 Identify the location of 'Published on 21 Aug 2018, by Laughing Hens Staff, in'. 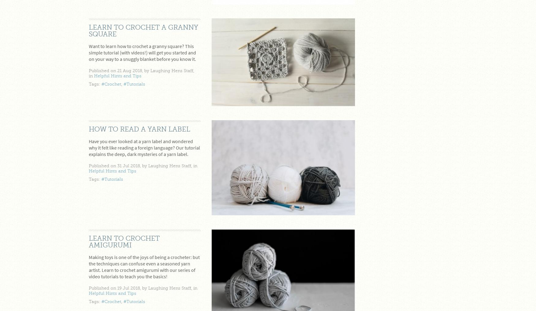
(142, 72).